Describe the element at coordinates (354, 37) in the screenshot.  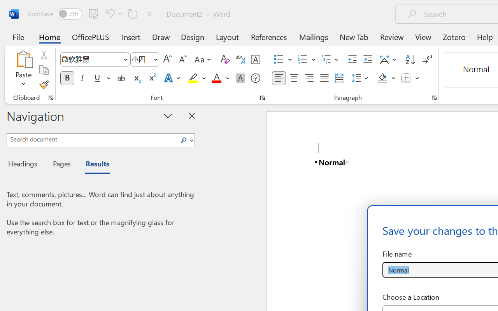
I see `'New Tab'` at that location.